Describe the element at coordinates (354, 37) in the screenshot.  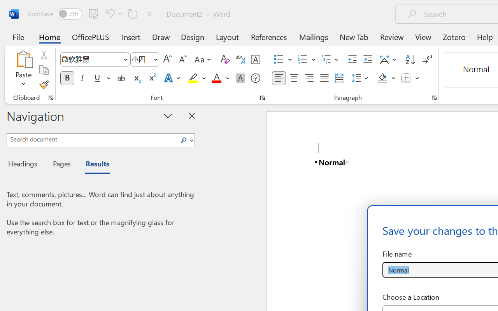
I see `'New Tab'` at that location.